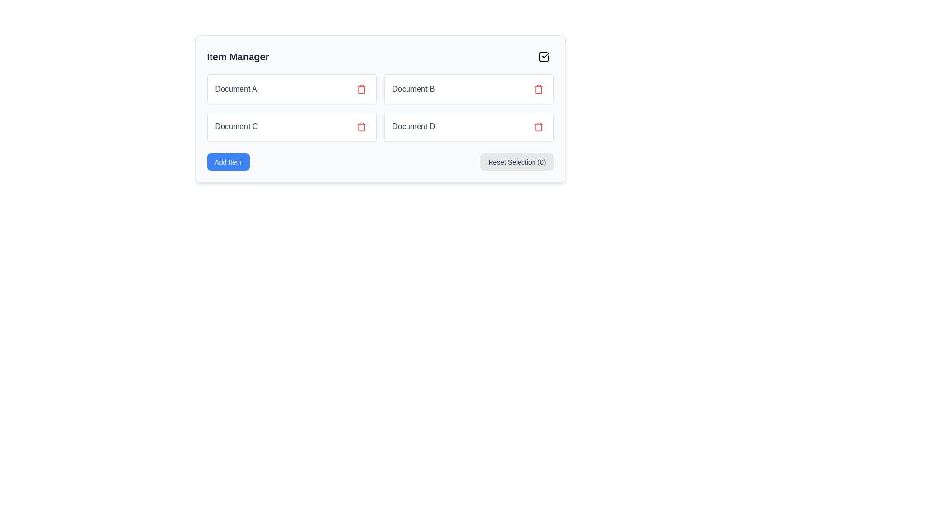 Image resolution: width=927 pixels, height=521 pixels. What do you see at coordinates (538, 126) in the screenshot?
I see `the delete icon located to the right of the 'Document D' label` at bounding box center [538, 126].